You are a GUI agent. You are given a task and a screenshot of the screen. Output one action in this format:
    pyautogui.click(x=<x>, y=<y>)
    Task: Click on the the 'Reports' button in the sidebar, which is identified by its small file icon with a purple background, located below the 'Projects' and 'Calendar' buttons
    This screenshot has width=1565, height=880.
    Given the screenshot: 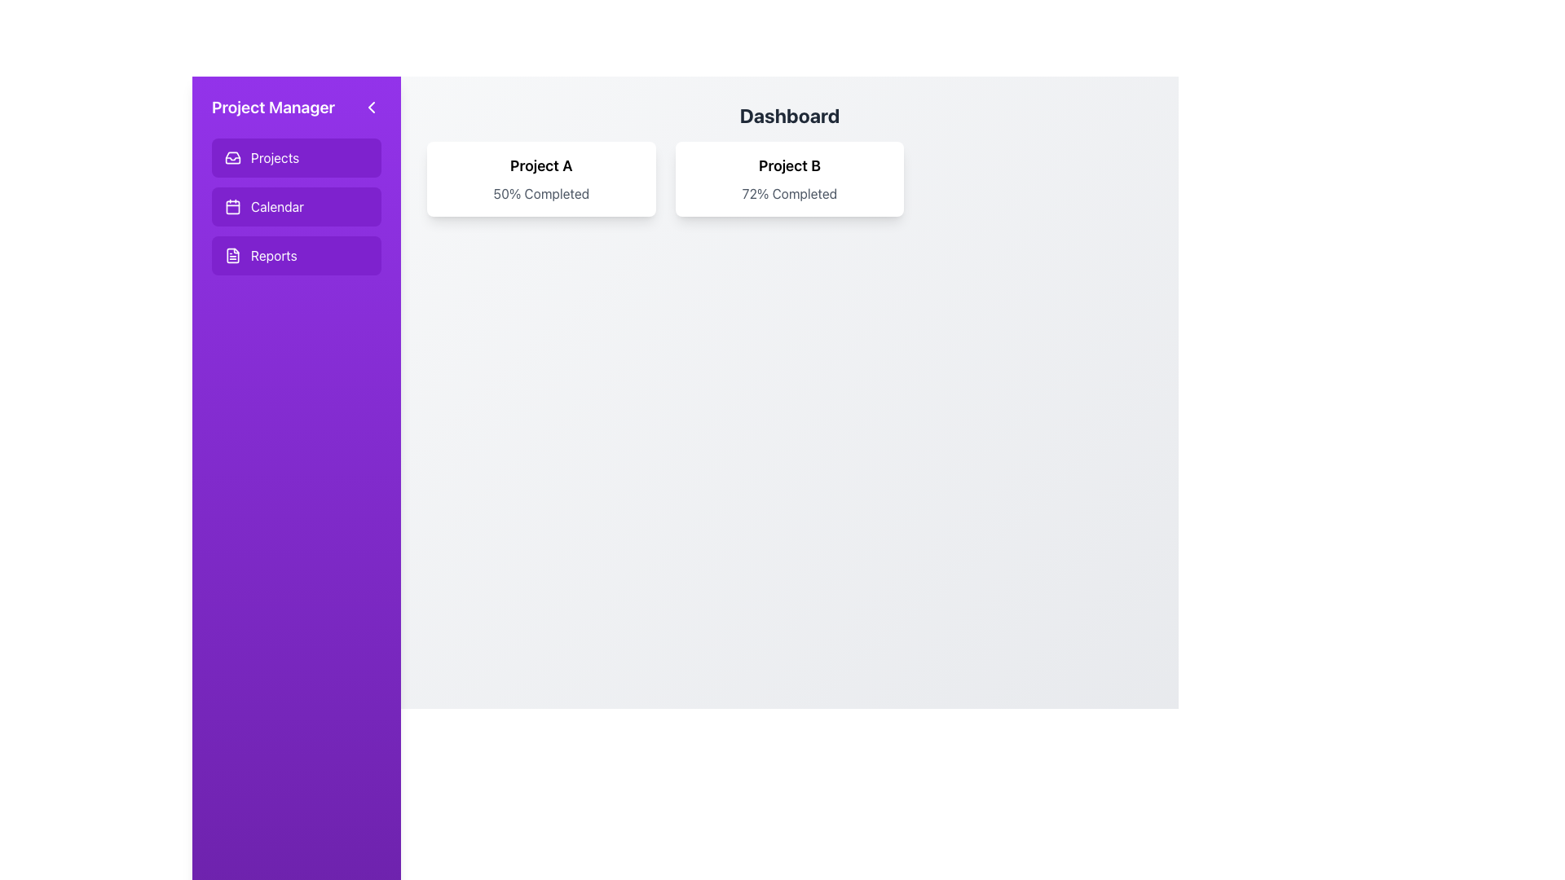 What is the action you would take?
    pyautogui.click(x=232, y=255)
    